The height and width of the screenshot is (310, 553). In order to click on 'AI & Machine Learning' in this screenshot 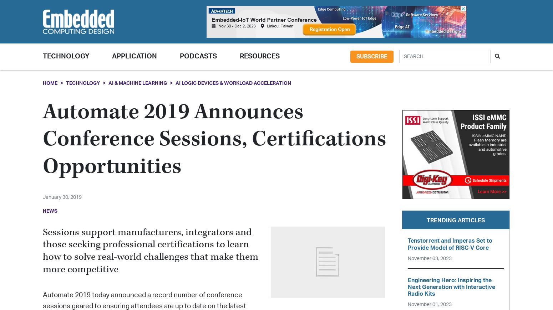, I will do `click(137, 83)`.